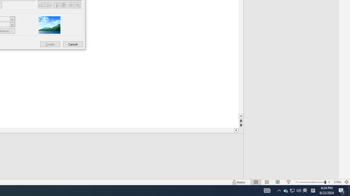  I want to click on 'Less Brightness', so click(77, 5).